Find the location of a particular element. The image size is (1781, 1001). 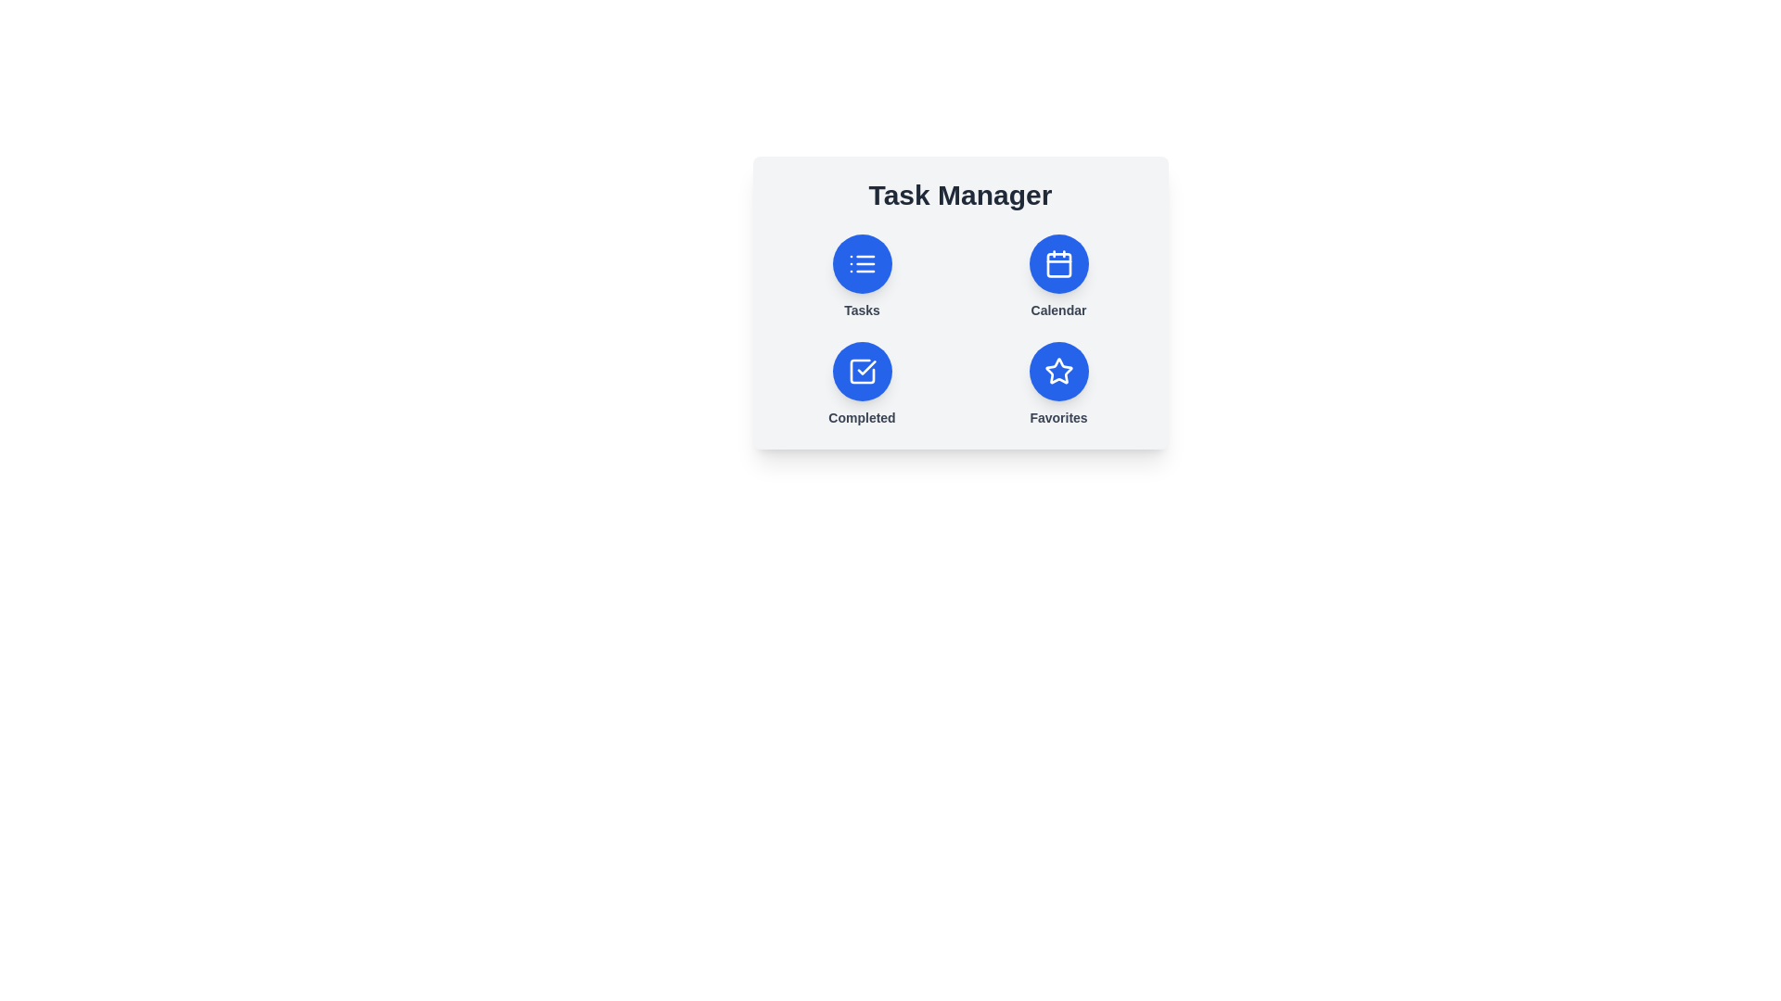

the calendar icon in the top-right corner of the Task Manager grid is located at coordinates (1058, 264).